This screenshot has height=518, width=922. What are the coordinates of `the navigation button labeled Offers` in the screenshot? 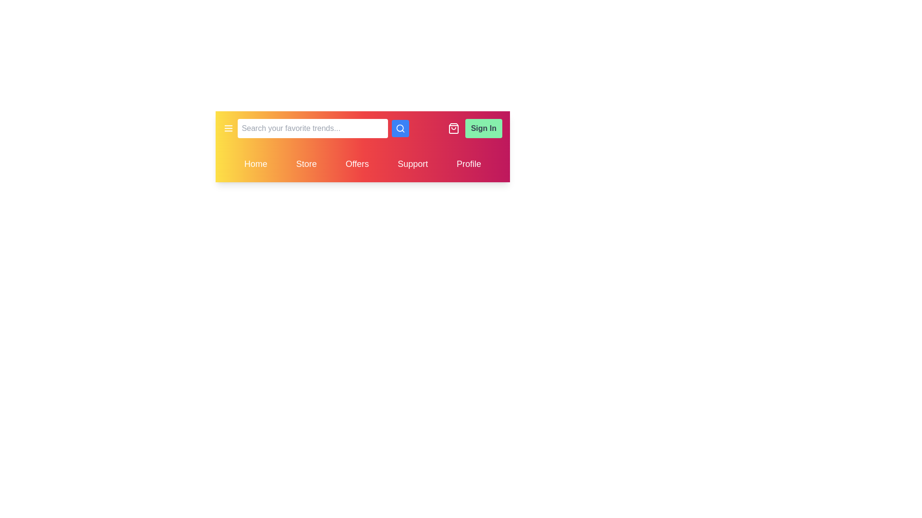 It's located at (357, 164).